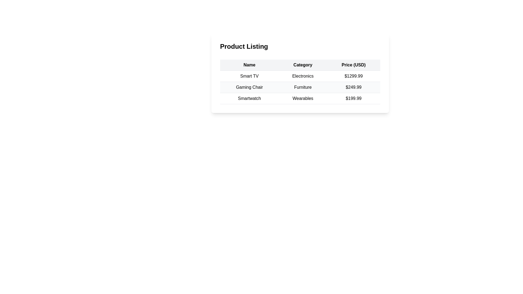 This screenshot has height=294, width=523. Describe the element at coordinates (354, 87) in the screenshot. I see `the price label displaying '$249.99' in the second row of the table under the 'Price (USD)' column` at that location.